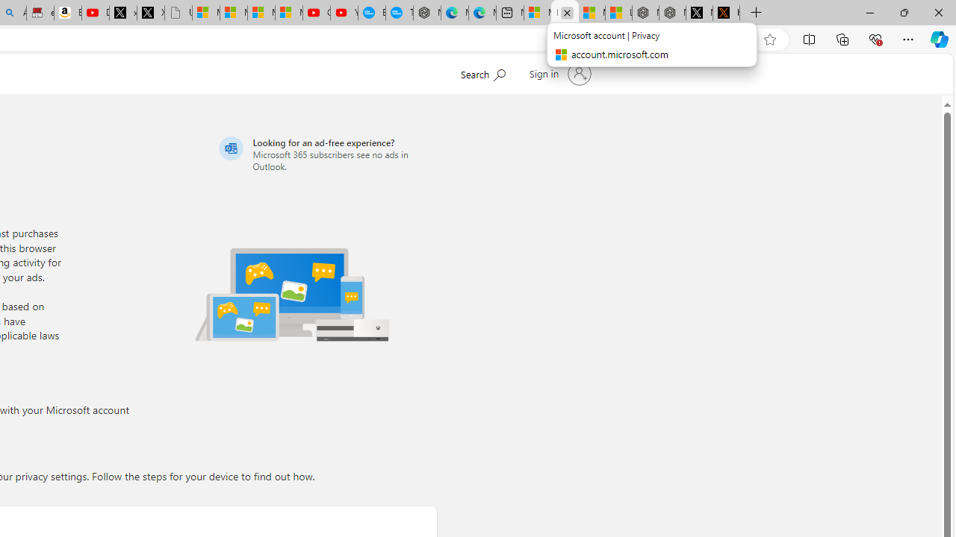  What do you see at coordinates (400, 13) in the screenshot?
I see `'The most popular Google '` at bounding box center [400, 13].